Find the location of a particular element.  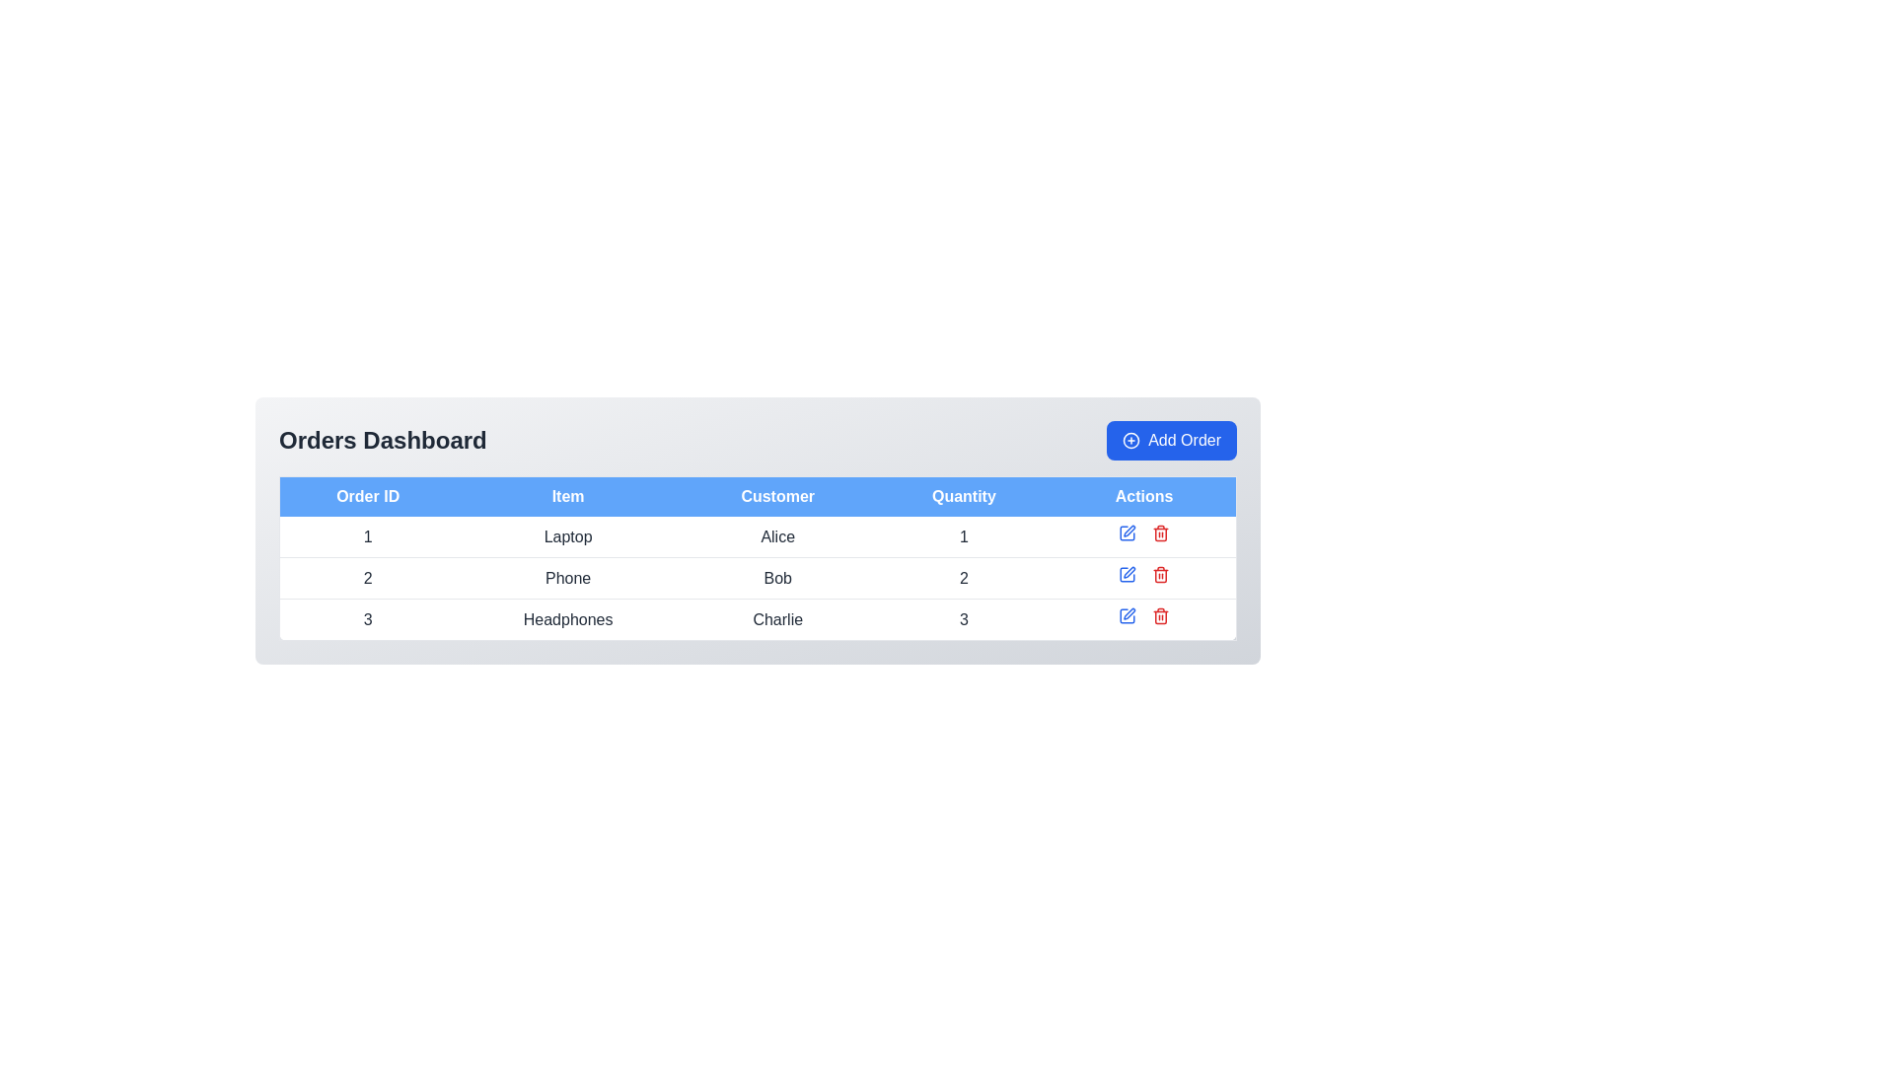

the numerical text '2' in the 'Quantity' column of the table, which is associated with the 'Phone' item and located under the 'Bob' customer is located at coordinates (964, 577).